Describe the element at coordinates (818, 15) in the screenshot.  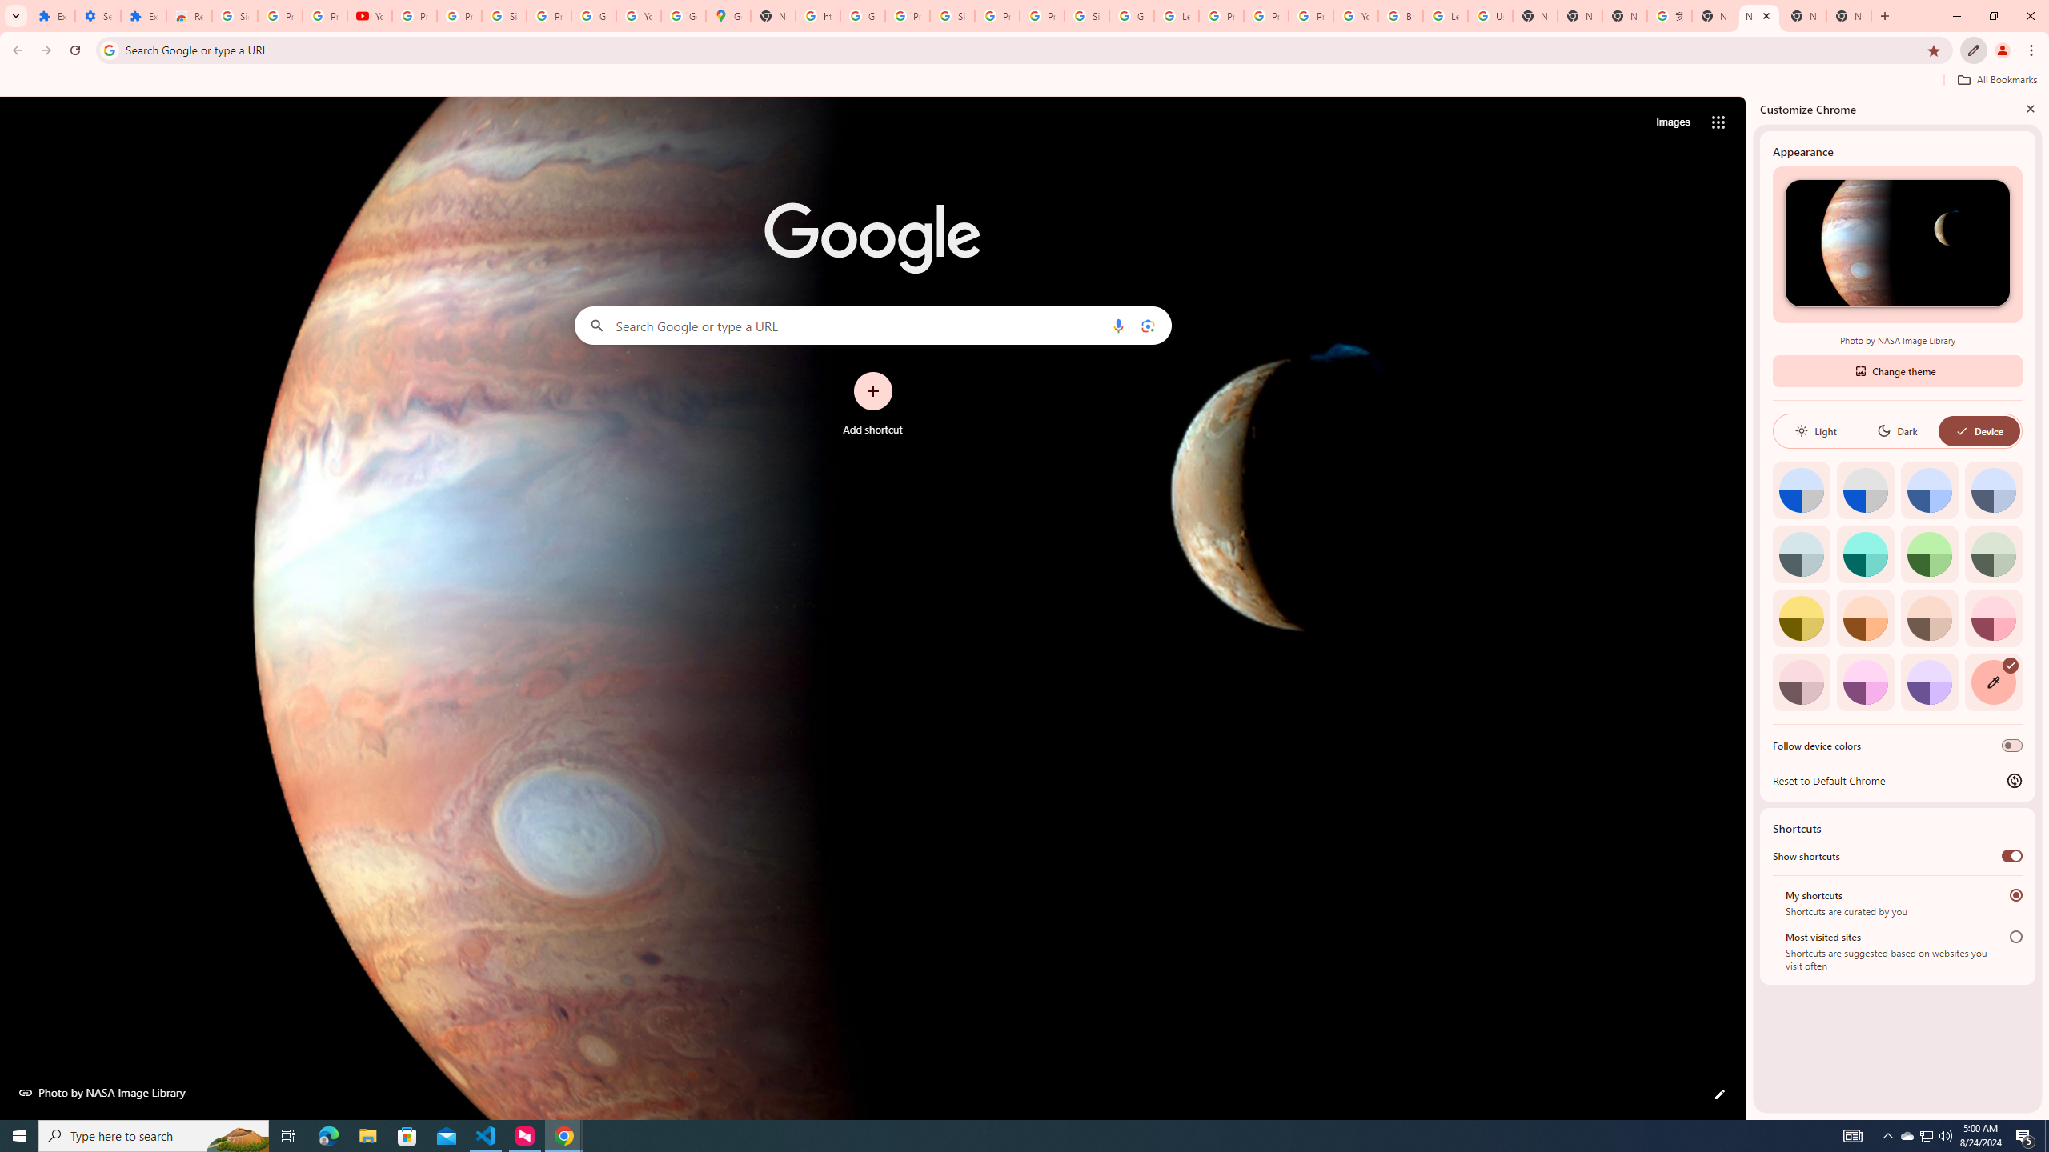
I see `'https://scholar.google.com/'` at that location.